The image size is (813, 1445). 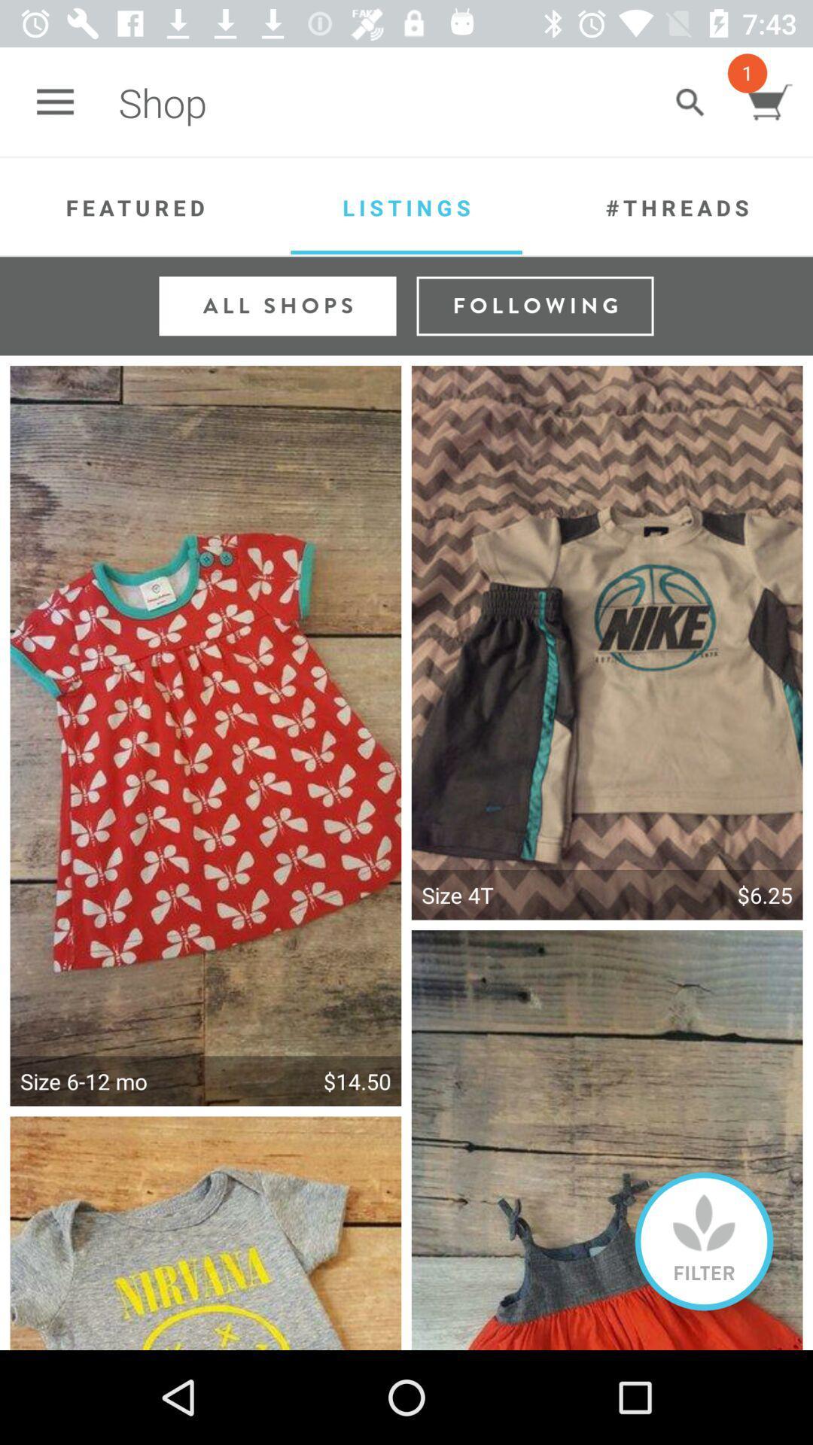 What do you see at coordinates (690, 102) in the screenshot?
I see `search option` at bounding box center [690, 102].